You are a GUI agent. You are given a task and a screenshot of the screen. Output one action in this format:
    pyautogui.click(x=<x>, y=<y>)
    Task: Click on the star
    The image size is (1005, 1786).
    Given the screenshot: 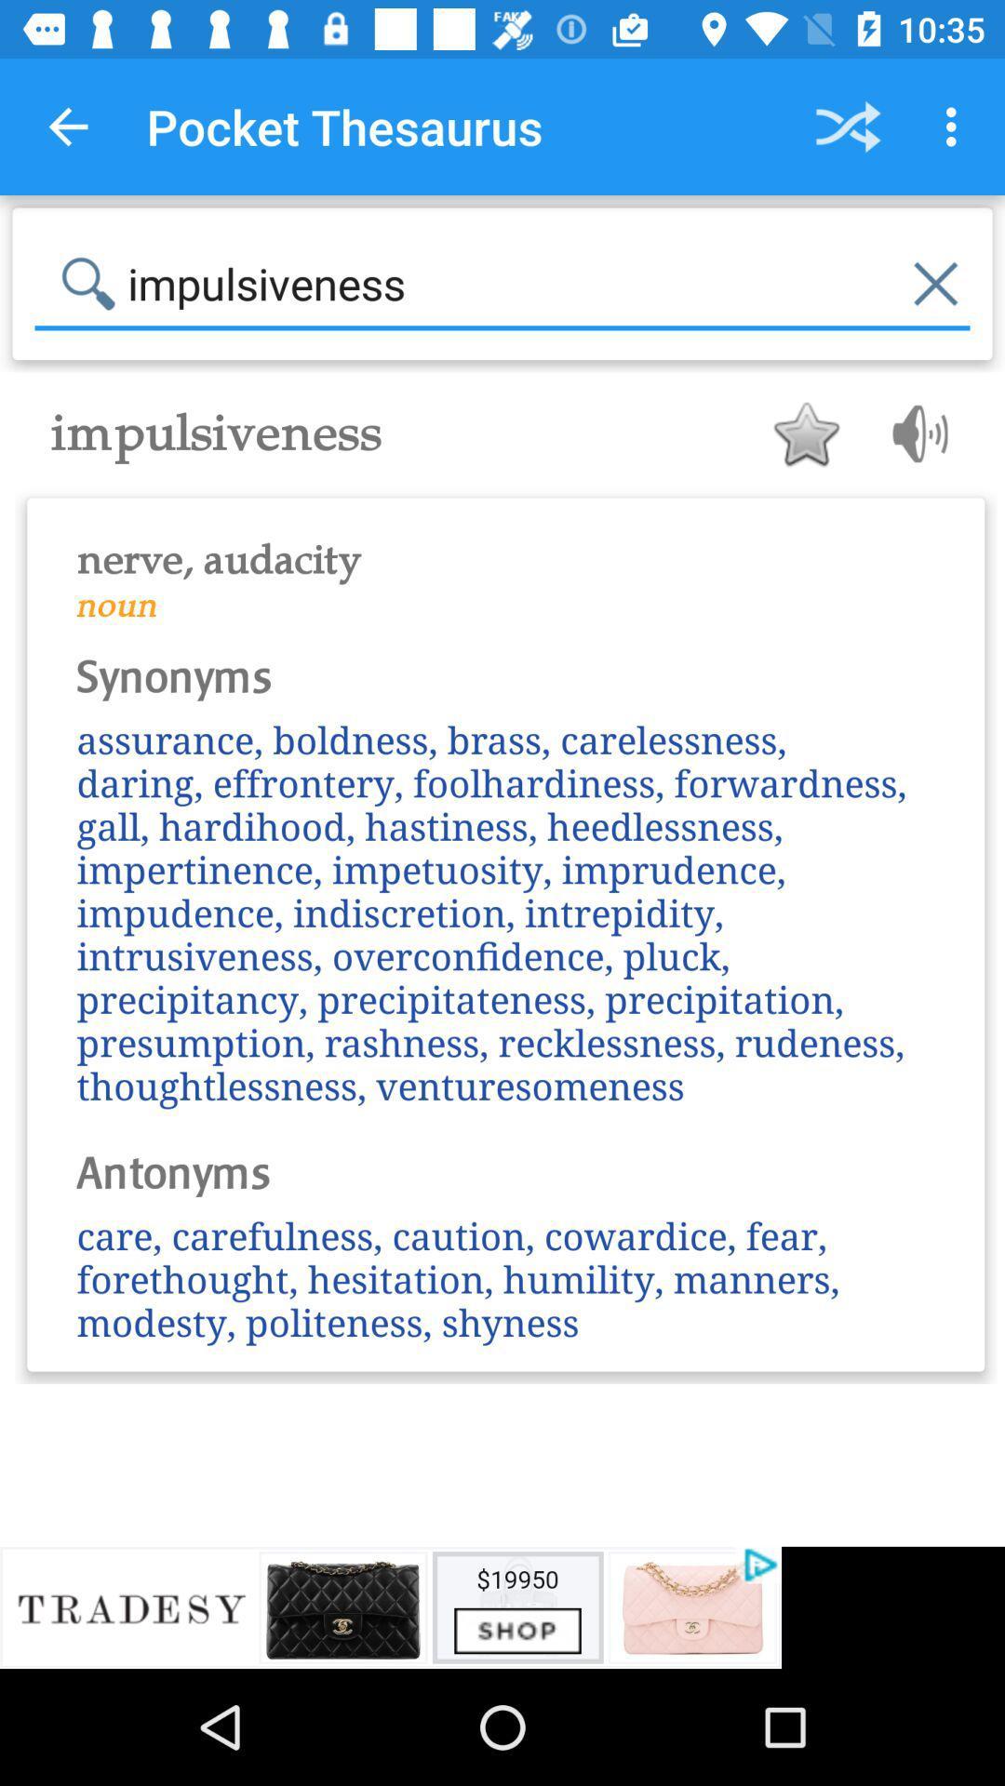 What is the action you would take?
    pyautogui.click(x=805, y=433)
    